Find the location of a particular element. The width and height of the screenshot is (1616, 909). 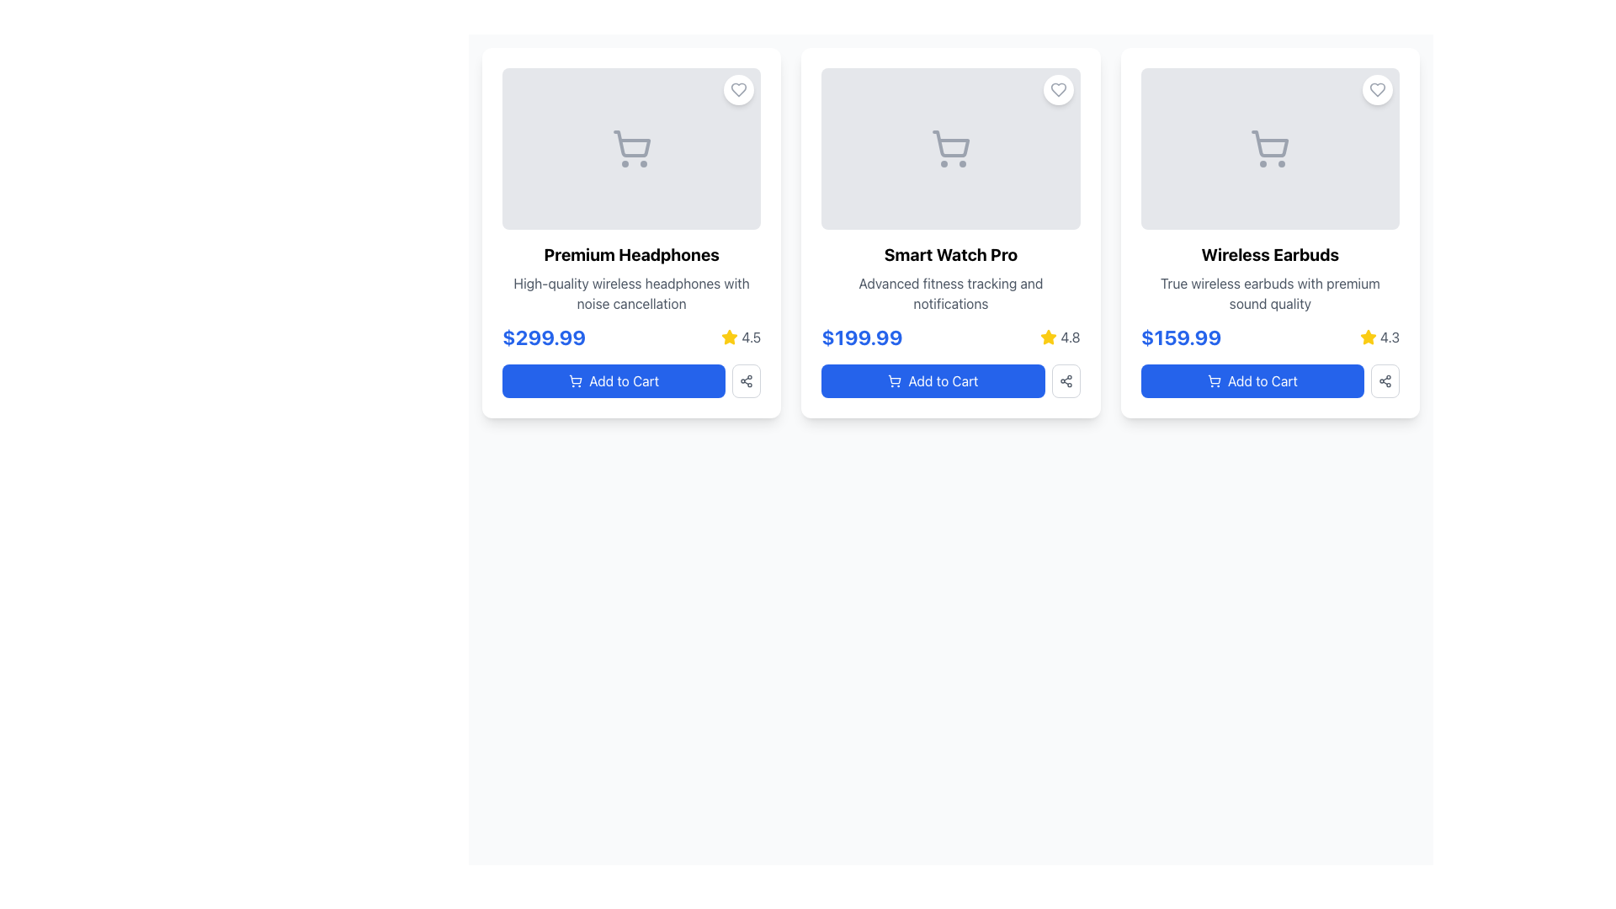

text of the 'Smart Watch Pro' label, which is centrally aligned within the second product card, styled in bold with a larger font size is located at coordinates (950, 255).